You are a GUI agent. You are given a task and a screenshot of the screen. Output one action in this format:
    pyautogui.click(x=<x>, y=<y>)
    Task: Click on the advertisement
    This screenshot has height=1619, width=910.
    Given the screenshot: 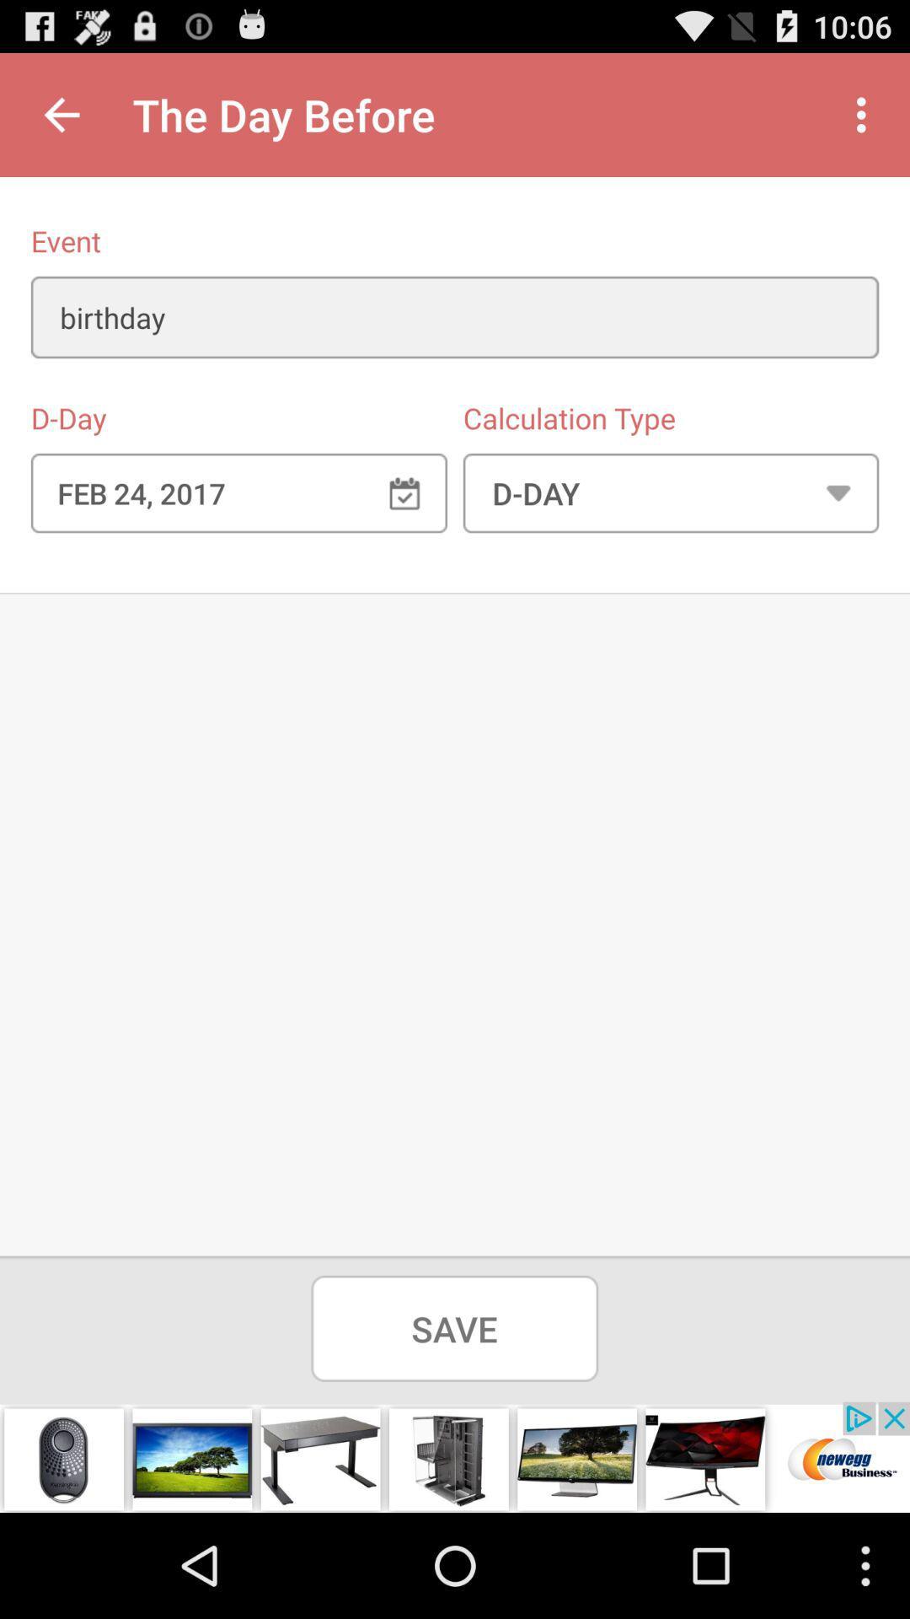 What is the action you would take?
    pyautogui.click(x=455, y=1456)
    